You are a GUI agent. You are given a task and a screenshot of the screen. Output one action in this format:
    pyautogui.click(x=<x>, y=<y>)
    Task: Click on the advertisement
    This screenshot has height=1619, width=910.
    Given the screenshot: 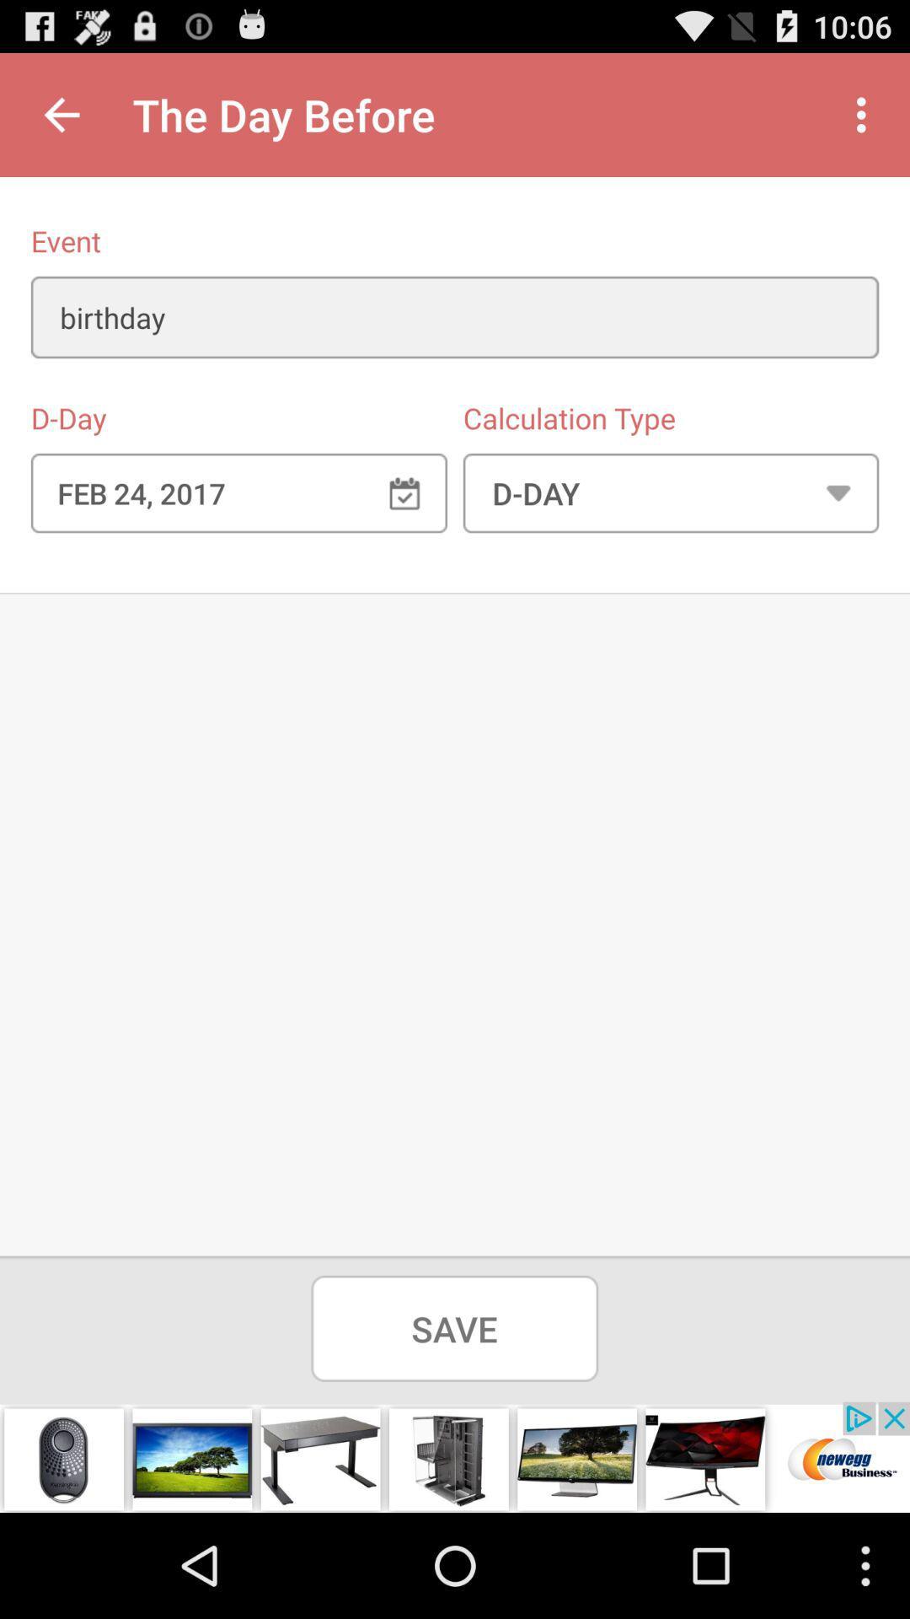 What is the action you would take?
    pyautogui.click(x=455, y=1456)
    